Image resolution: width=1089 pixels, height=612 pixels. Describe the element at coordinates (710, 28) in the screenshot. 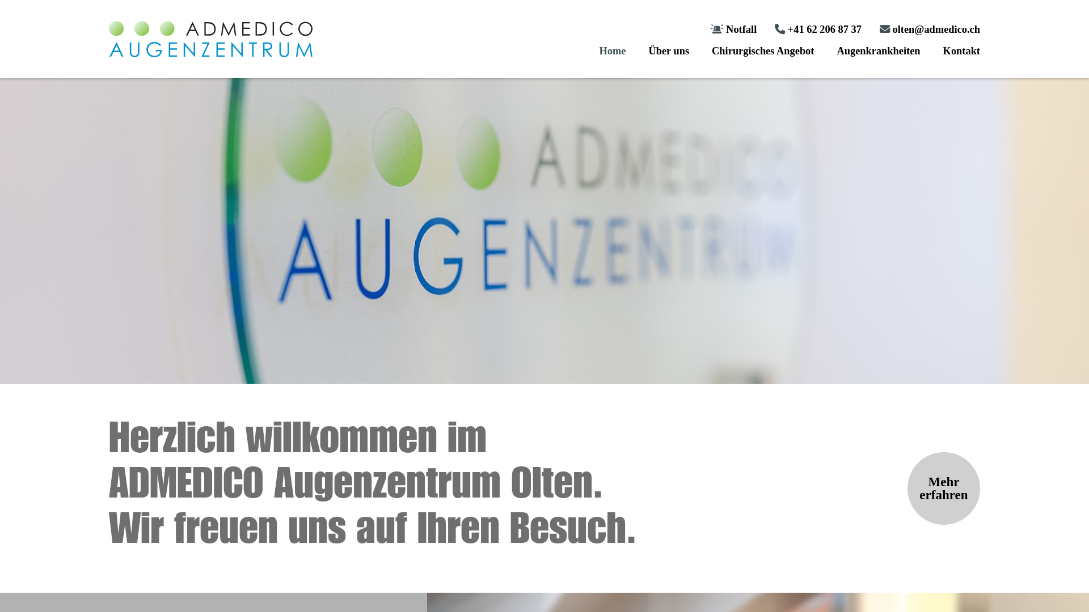

I see `'Notfall'` at that location.